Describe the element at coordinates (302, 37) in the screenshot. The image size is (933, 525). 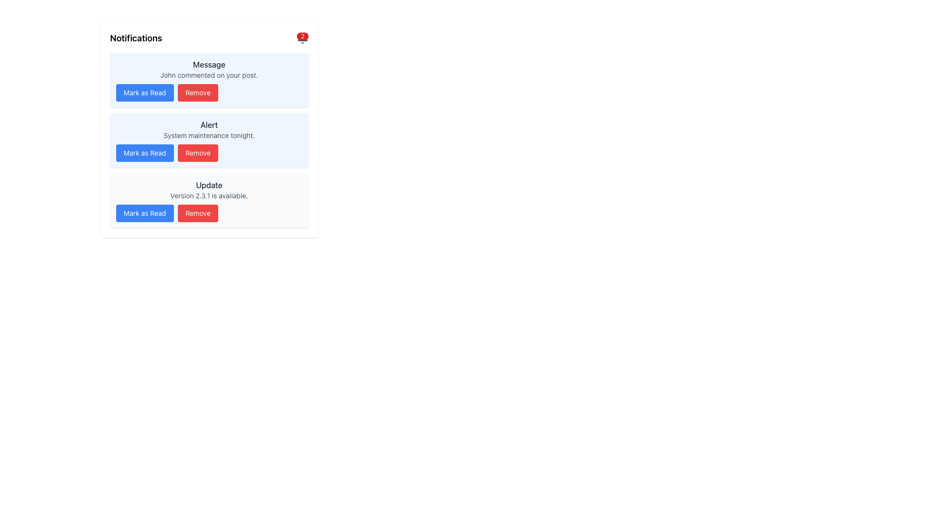
I see `the circular badge with a vibrant red background displaying the number '2', which is positioned at the top-right corner of the notification bell icon` at that location.